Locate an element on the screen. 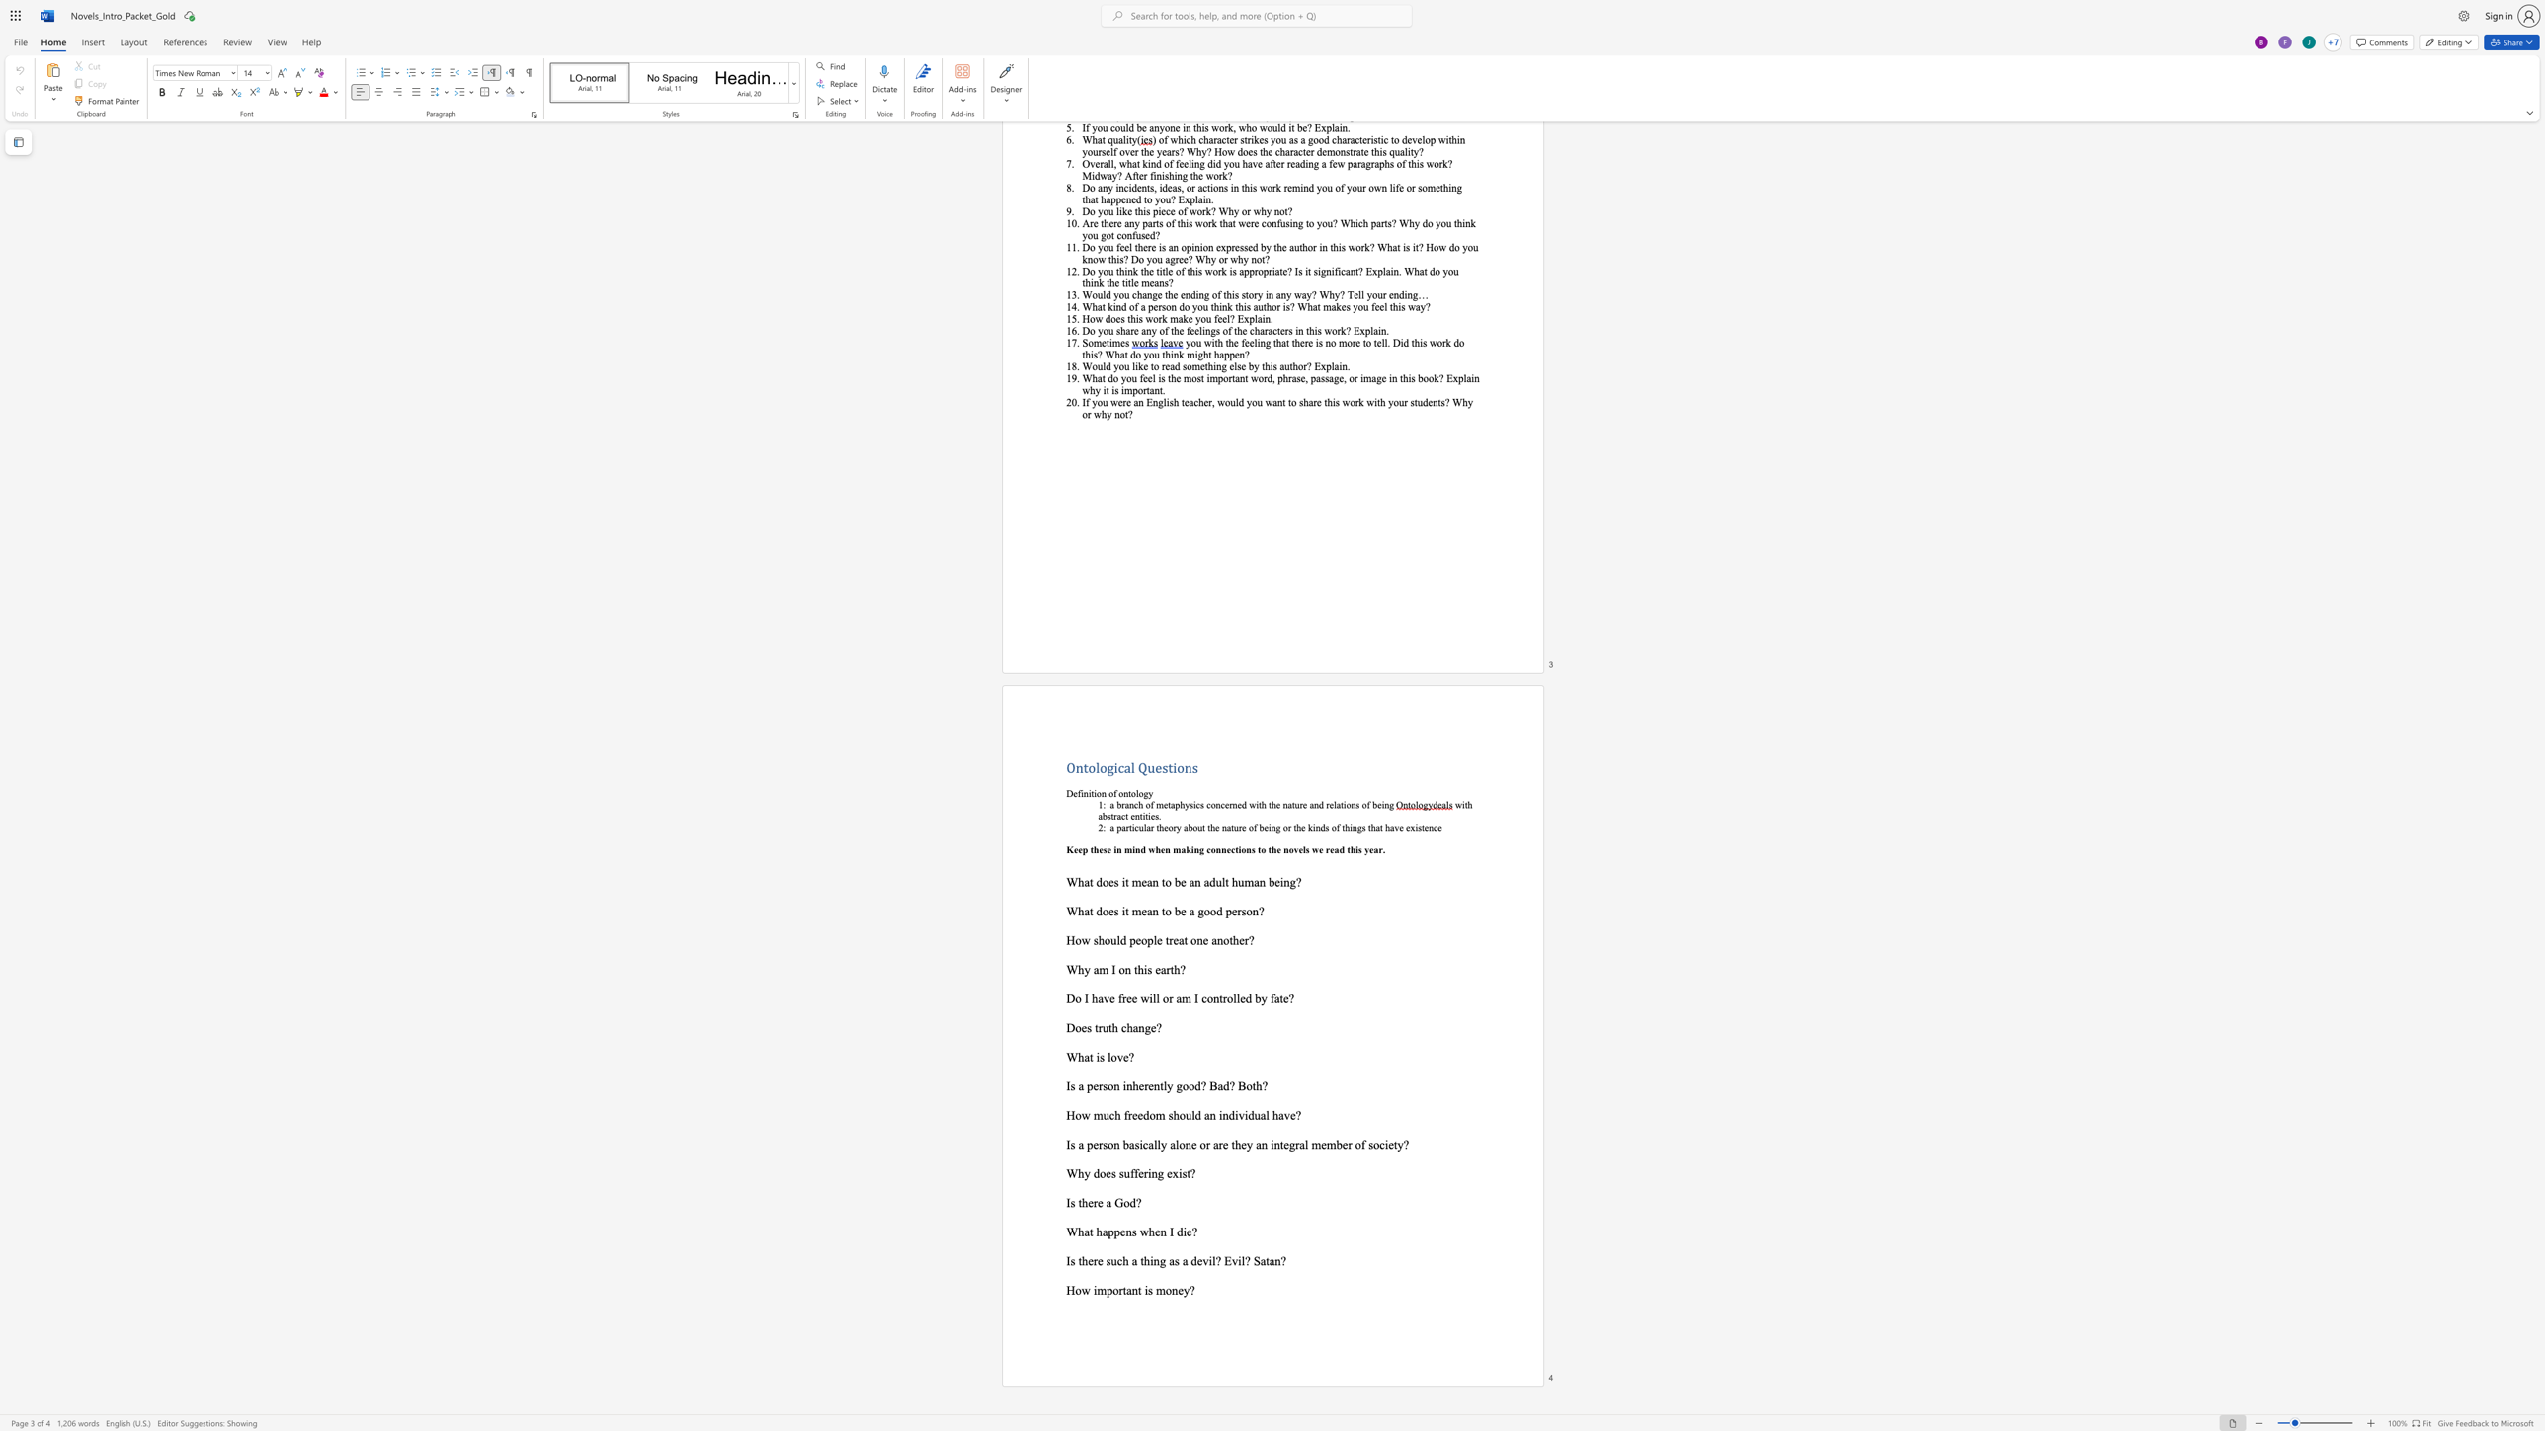 Image resolution: width=2545 pixels, height=1431 pixels. the space between the continuous character "h" and "y" in the text is located at coordinates (1083, 969).